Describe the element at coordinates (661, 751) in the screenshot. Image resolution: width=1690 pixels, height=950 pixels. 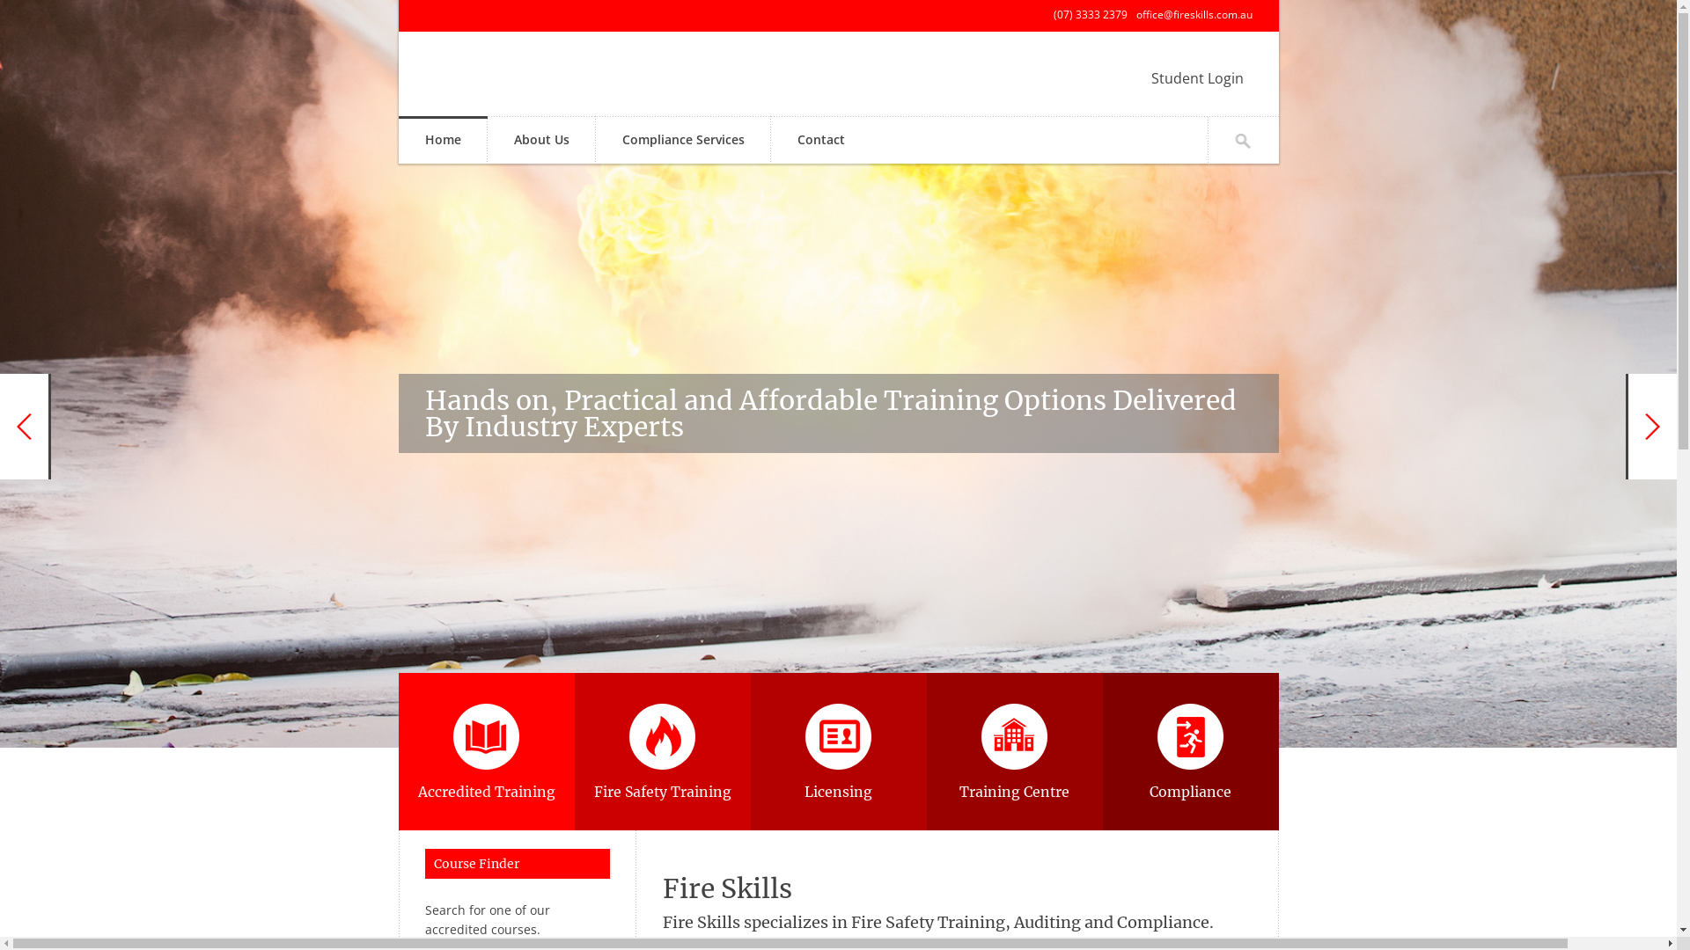
I see `'Fire Safety Training'` at that location.